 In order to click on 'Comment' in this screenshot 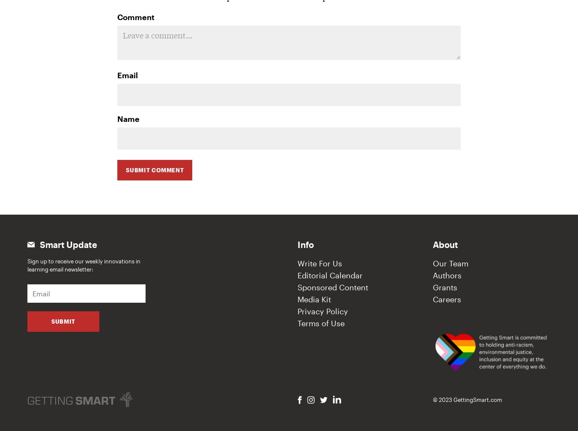, I will do `click(135, 17)`.